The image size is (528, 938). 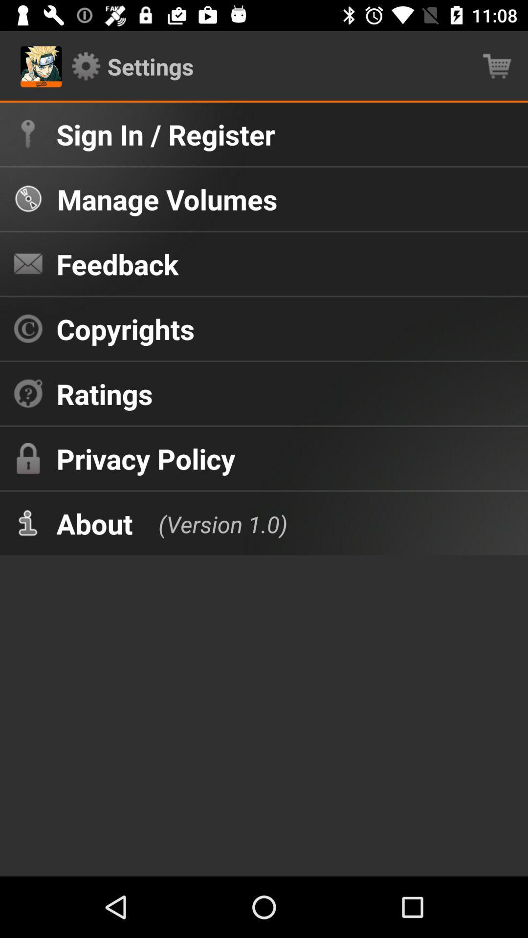 I want to click on the privacy policy item, so click(x=146, y=458).